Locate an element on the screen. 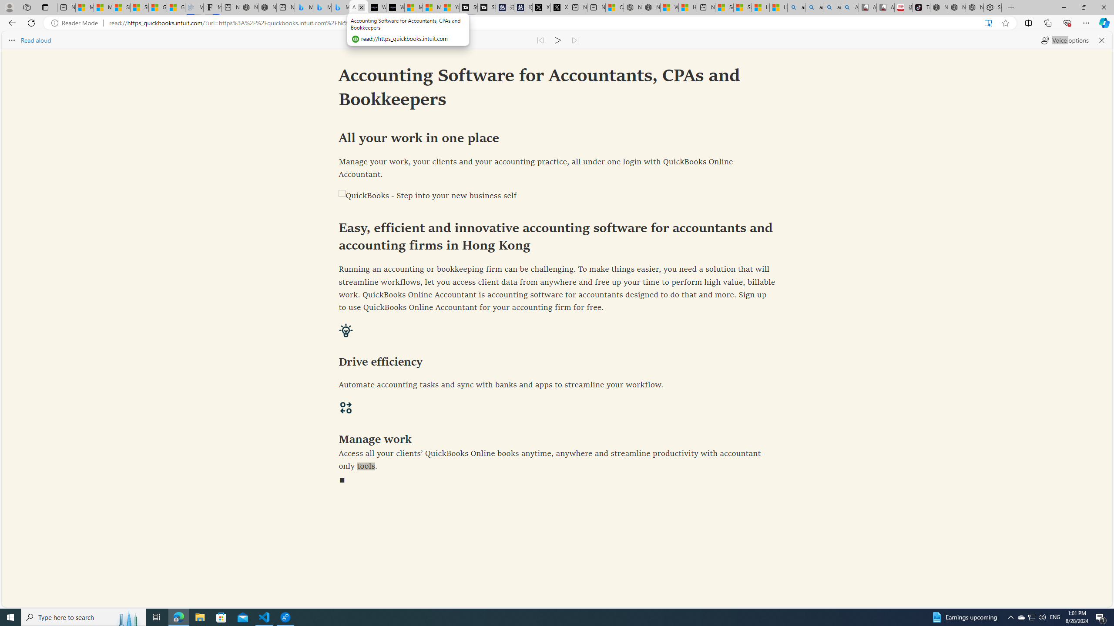 This screenshot has height=626, width=1114. 'Nordace - Siena Pro 15 Essential Set' is located at coordinates (974, 7).